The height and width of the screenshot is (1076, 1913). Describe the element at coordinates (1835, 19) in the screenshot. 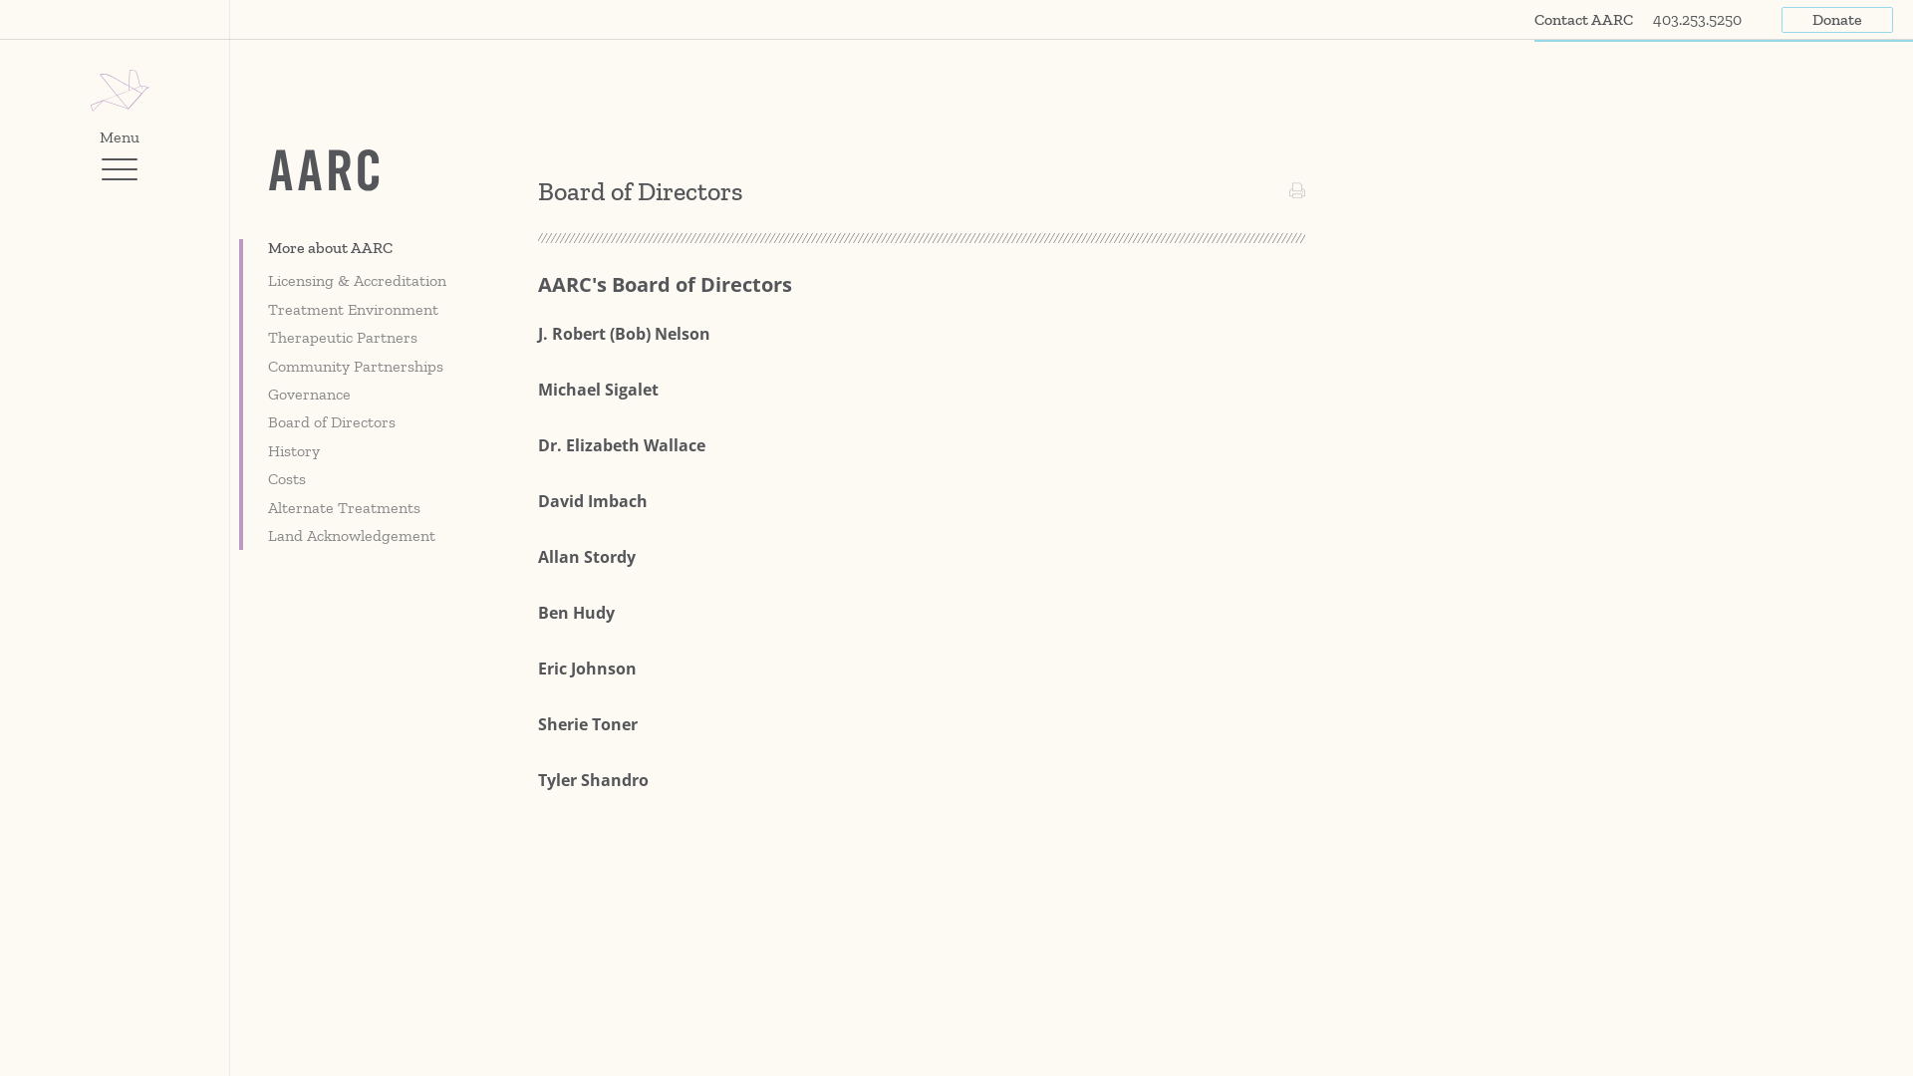

I see `'Donate'` at that location.